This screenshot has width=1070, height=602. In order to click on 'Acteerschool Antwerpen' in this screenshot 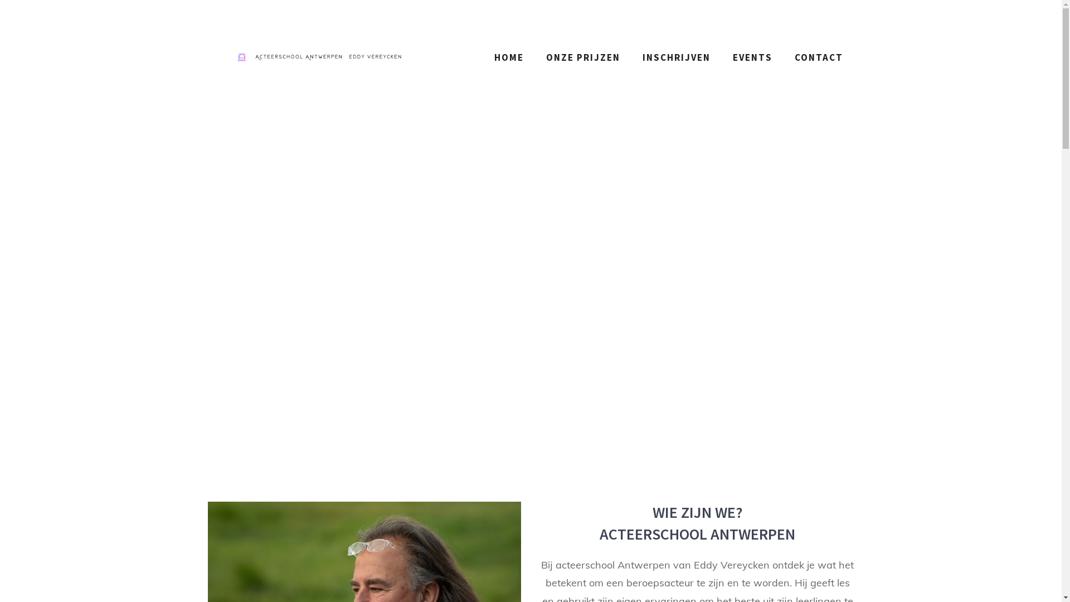, I will do `click(318, 57)`.